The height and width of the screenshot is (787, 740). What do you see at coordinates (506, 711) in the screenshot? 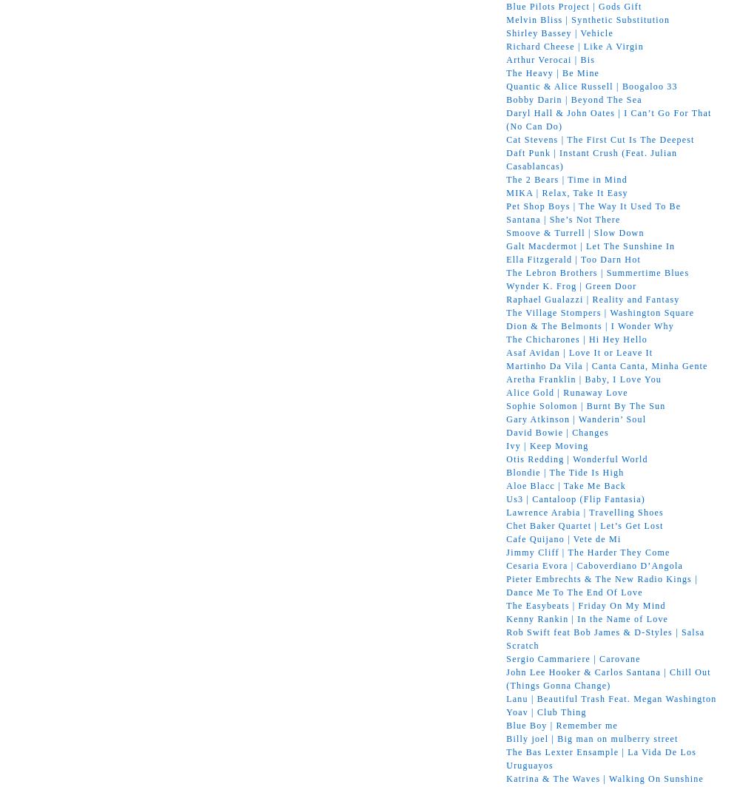
I see `'Yoav | Club Thing'` at bounding box center [506, 711].